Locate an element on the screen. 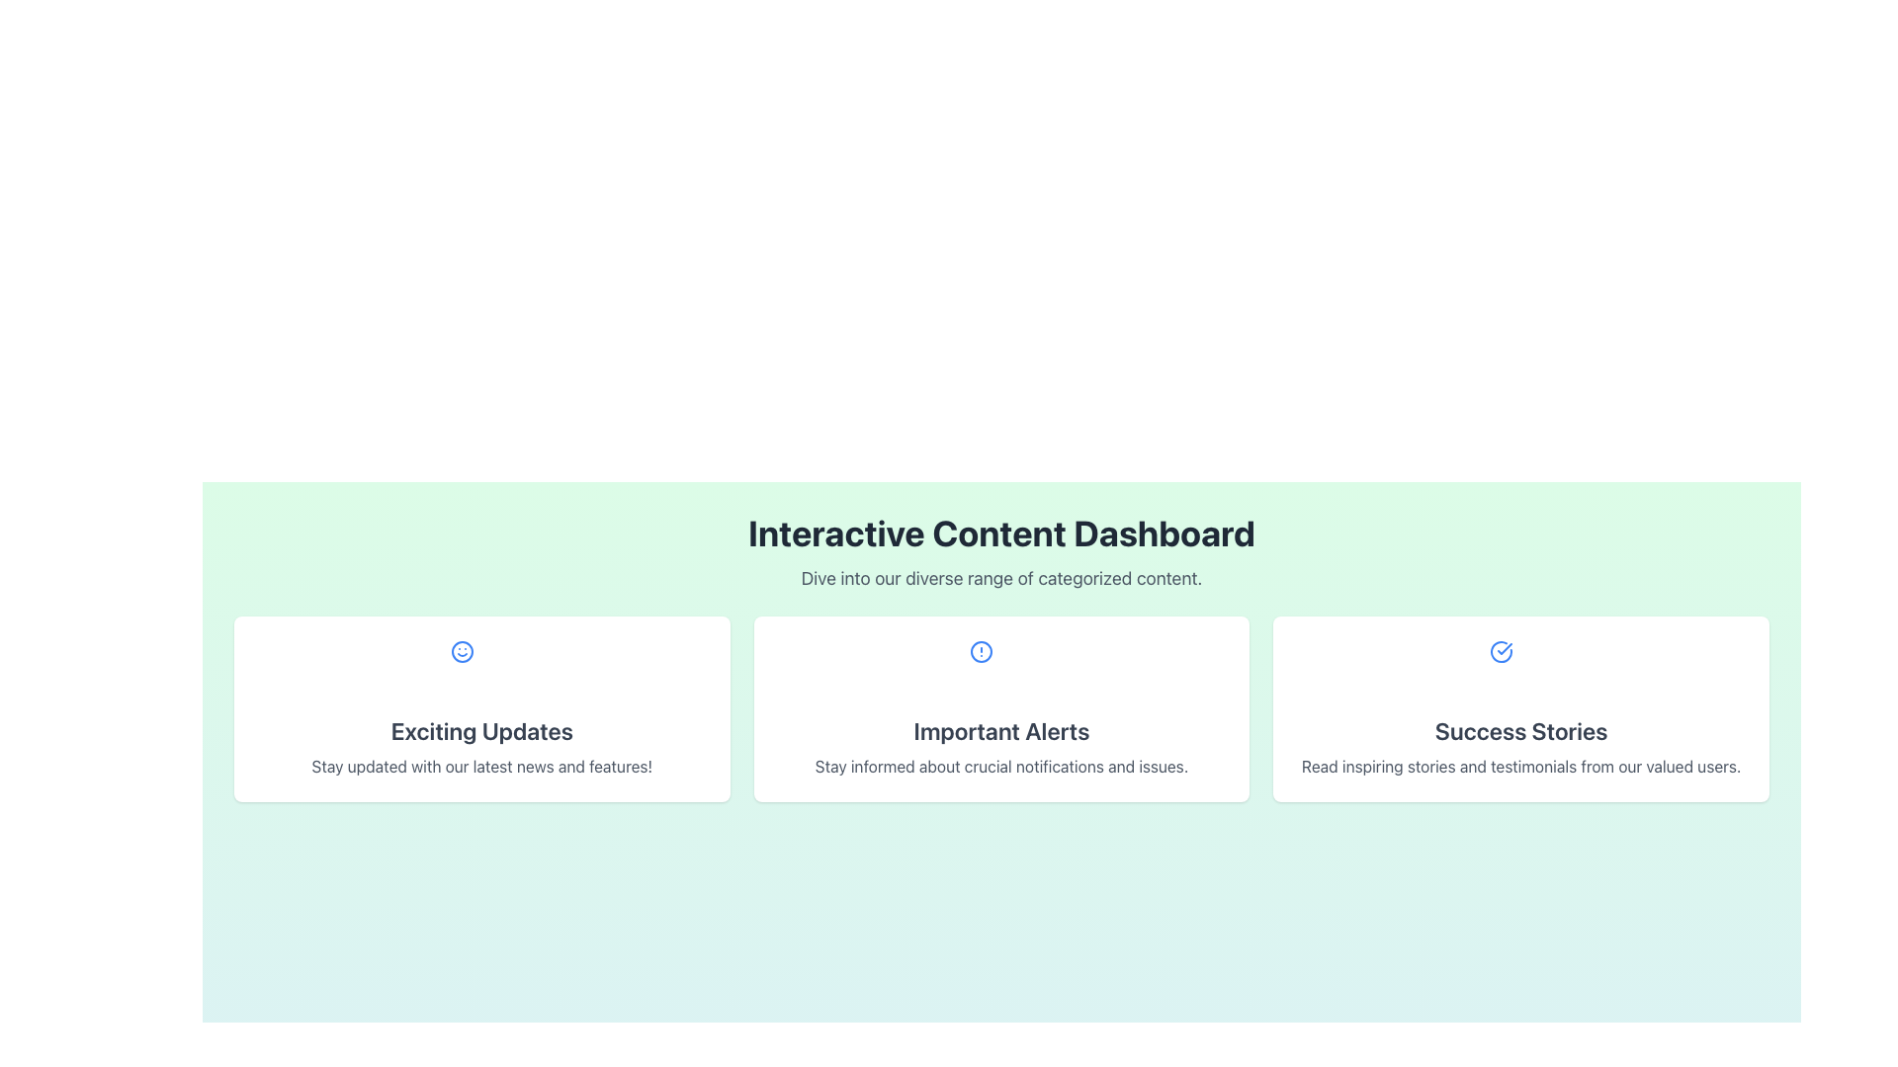  the 'Success Stories' text label which is displayed in a bold, large font within a white rounded rectangle card, centrally positioned in the third card on the right is located at coordinates (1520, 731).